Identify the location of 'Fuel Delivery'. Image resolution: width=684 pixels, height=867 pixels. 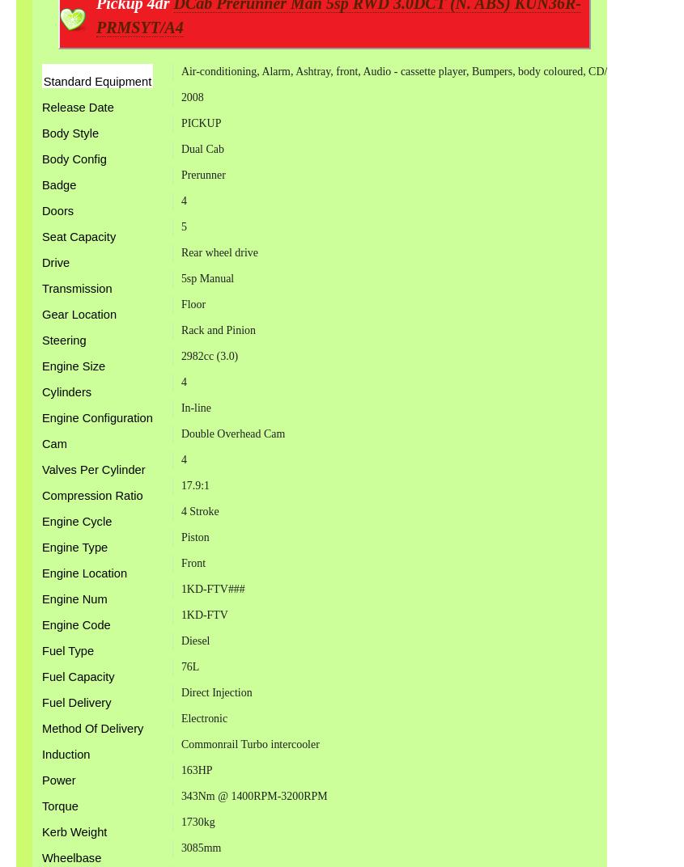
(76, 701).